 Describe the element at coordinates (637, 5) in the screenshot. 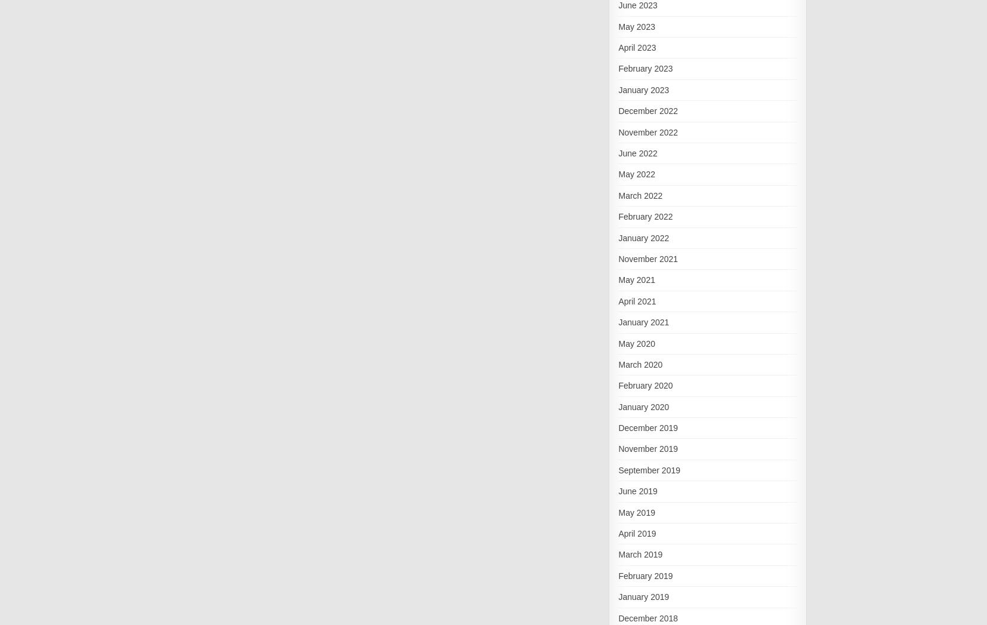

I see `'June 2023'` at that location.